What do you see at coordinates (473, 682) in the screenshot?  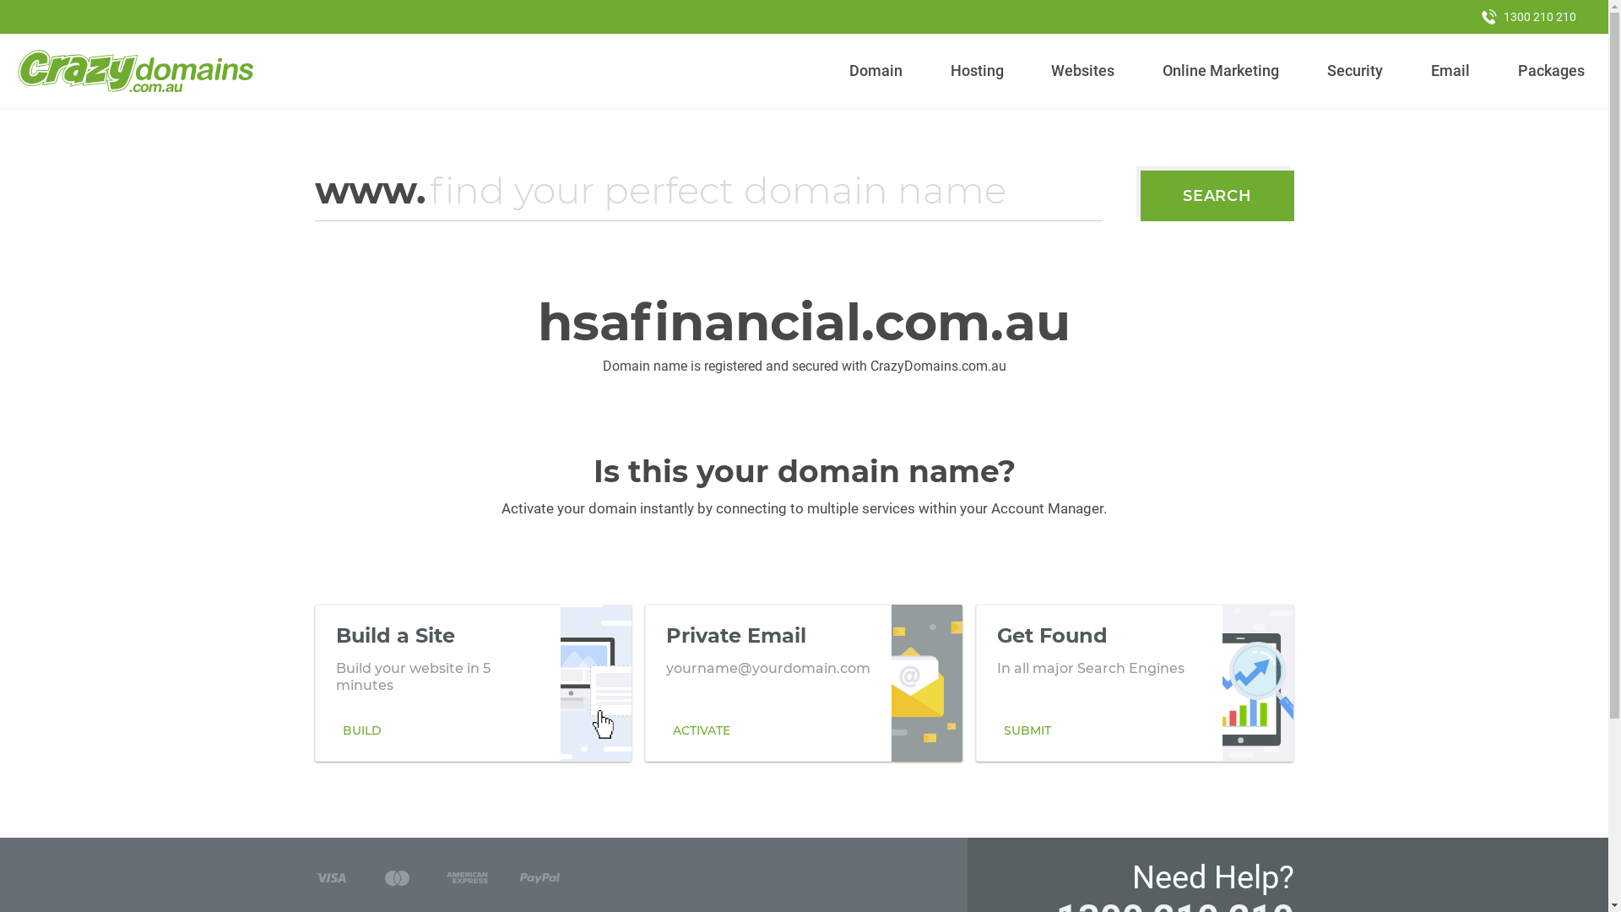 I see `'Build a Site` at bounding box center [473, 682].